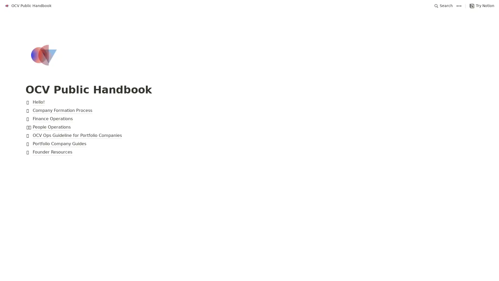 This screenshot has width=499, height=281. I want to click on Hello!, so click(249, 102).